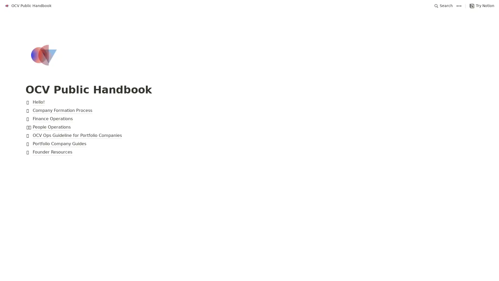 This screenshot has width=499, height=281. I want to click on Hello!, so click(249, 102).